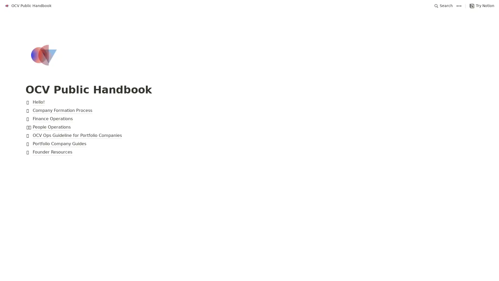 This screenshot has width=499, height=281. I want to click on Hello!, so click(249, 102).